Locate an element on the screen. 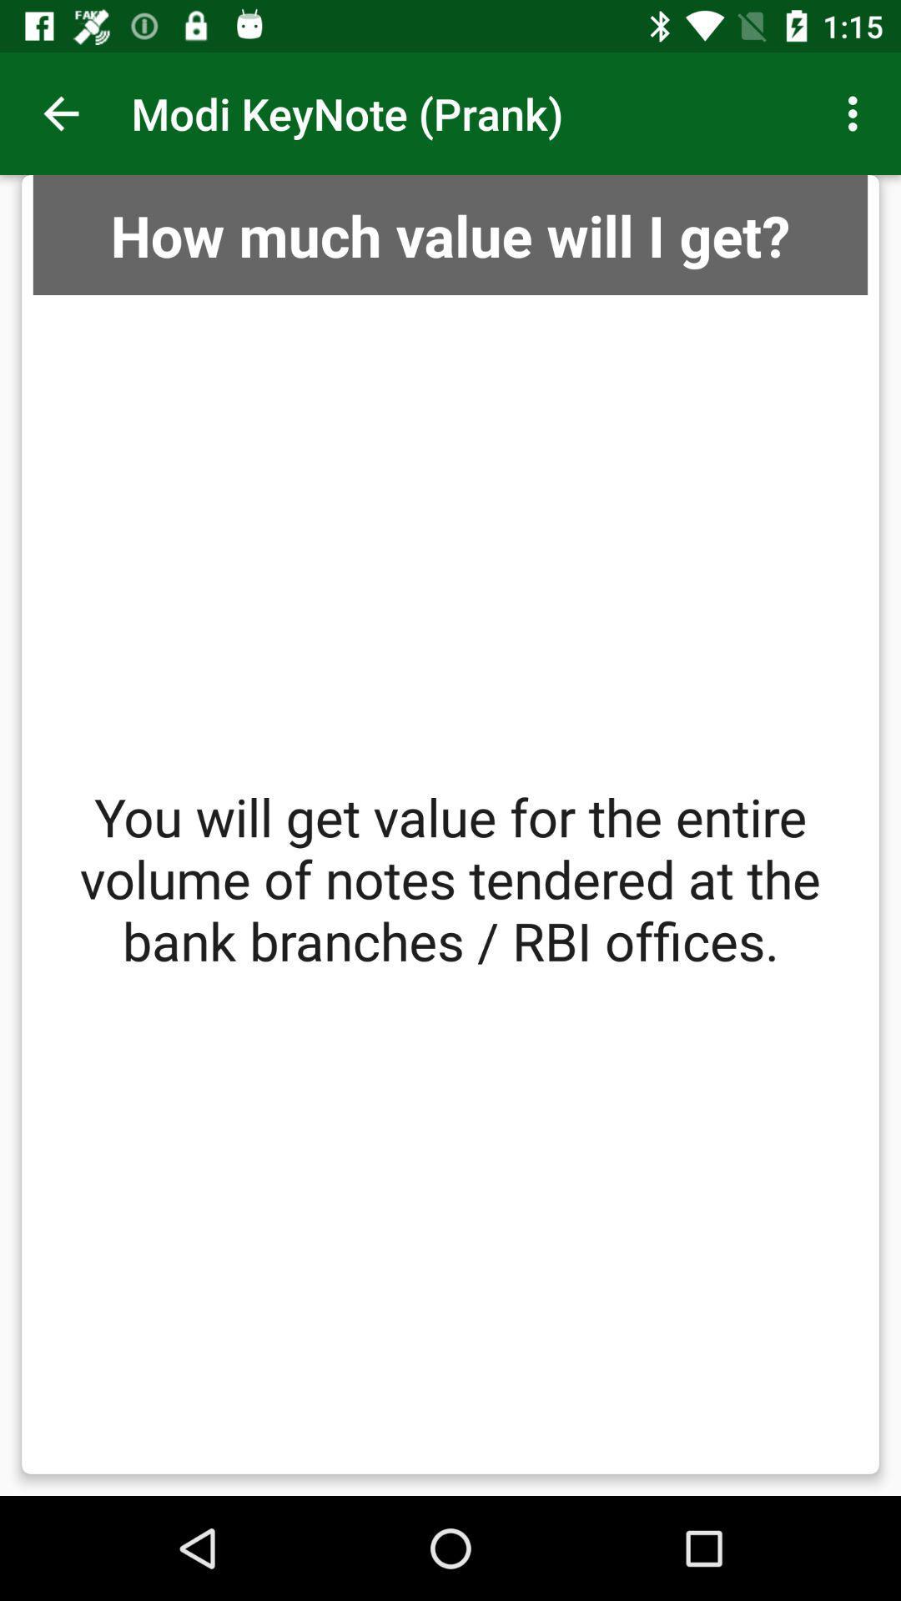  the item at the top left corner is located at coordinates (60, 113).